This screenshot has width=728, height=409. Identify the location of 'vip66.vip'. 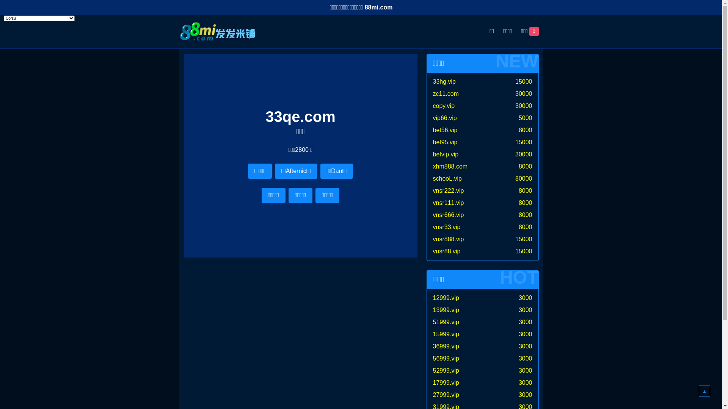
(445, 118).